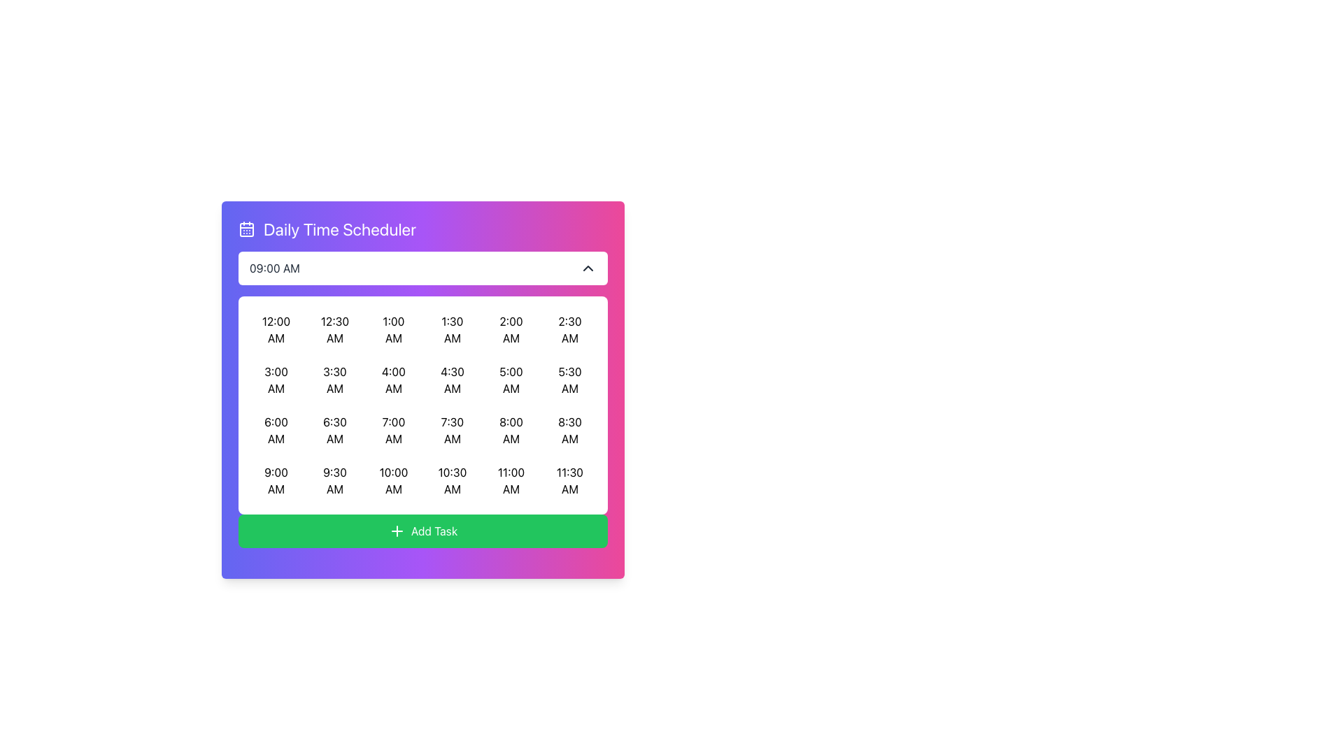  What do you see at coordinates (392, 329) in the screenshot?
I see `the selectable time slot for '1:00 AM' in the Daily Time Scheduler` at bounding box center [392, 329].